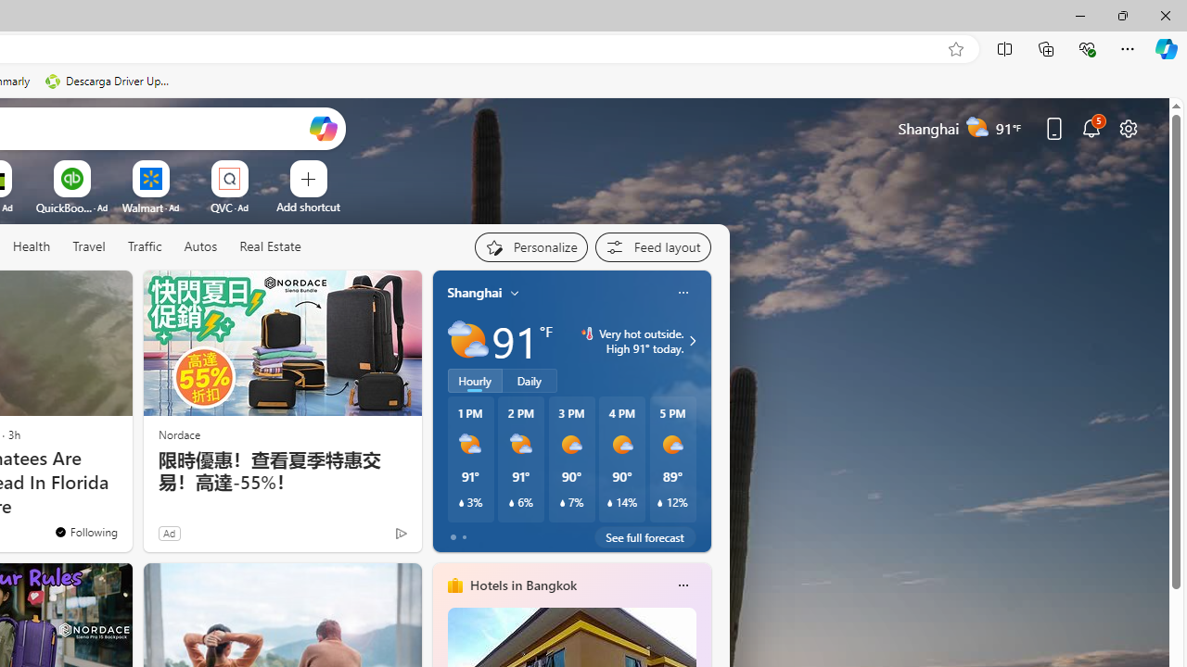 The image size is (1187, 667). I want to click on 'You', so click(84, 531).